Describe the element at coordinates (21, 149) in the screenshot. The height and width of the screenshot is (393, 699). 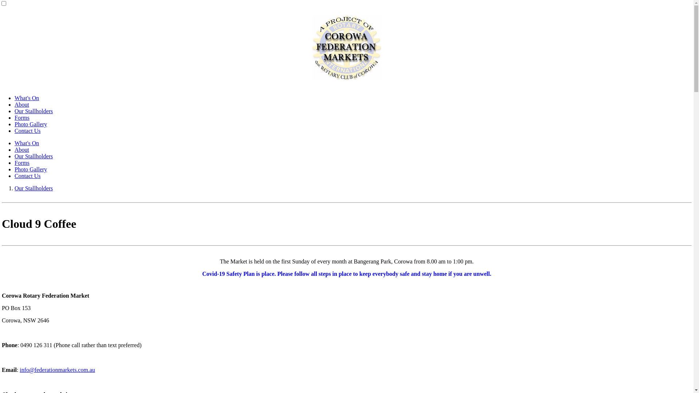
I see `'About'` at that location.